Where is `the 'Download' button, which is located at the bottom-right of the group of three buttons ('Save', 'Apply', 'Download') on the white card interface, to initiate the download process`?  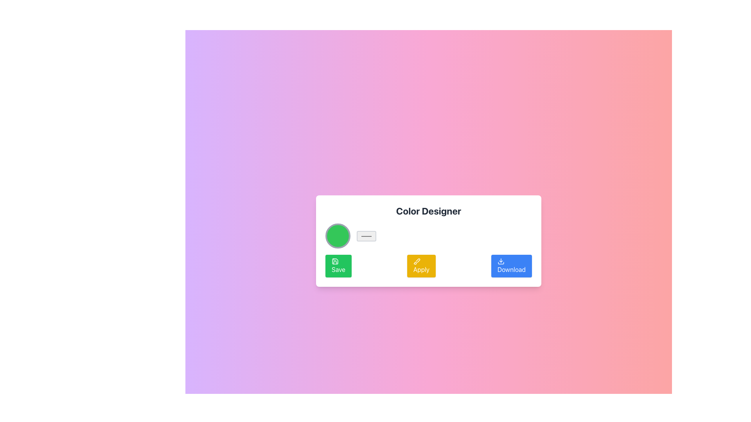
the 'Download' button, which is located at the bottom-right of the group of three buttons ('Save', 'Apply', 'Download') on the white card interface, to initiate the download process is located at coordinates (501, 261).